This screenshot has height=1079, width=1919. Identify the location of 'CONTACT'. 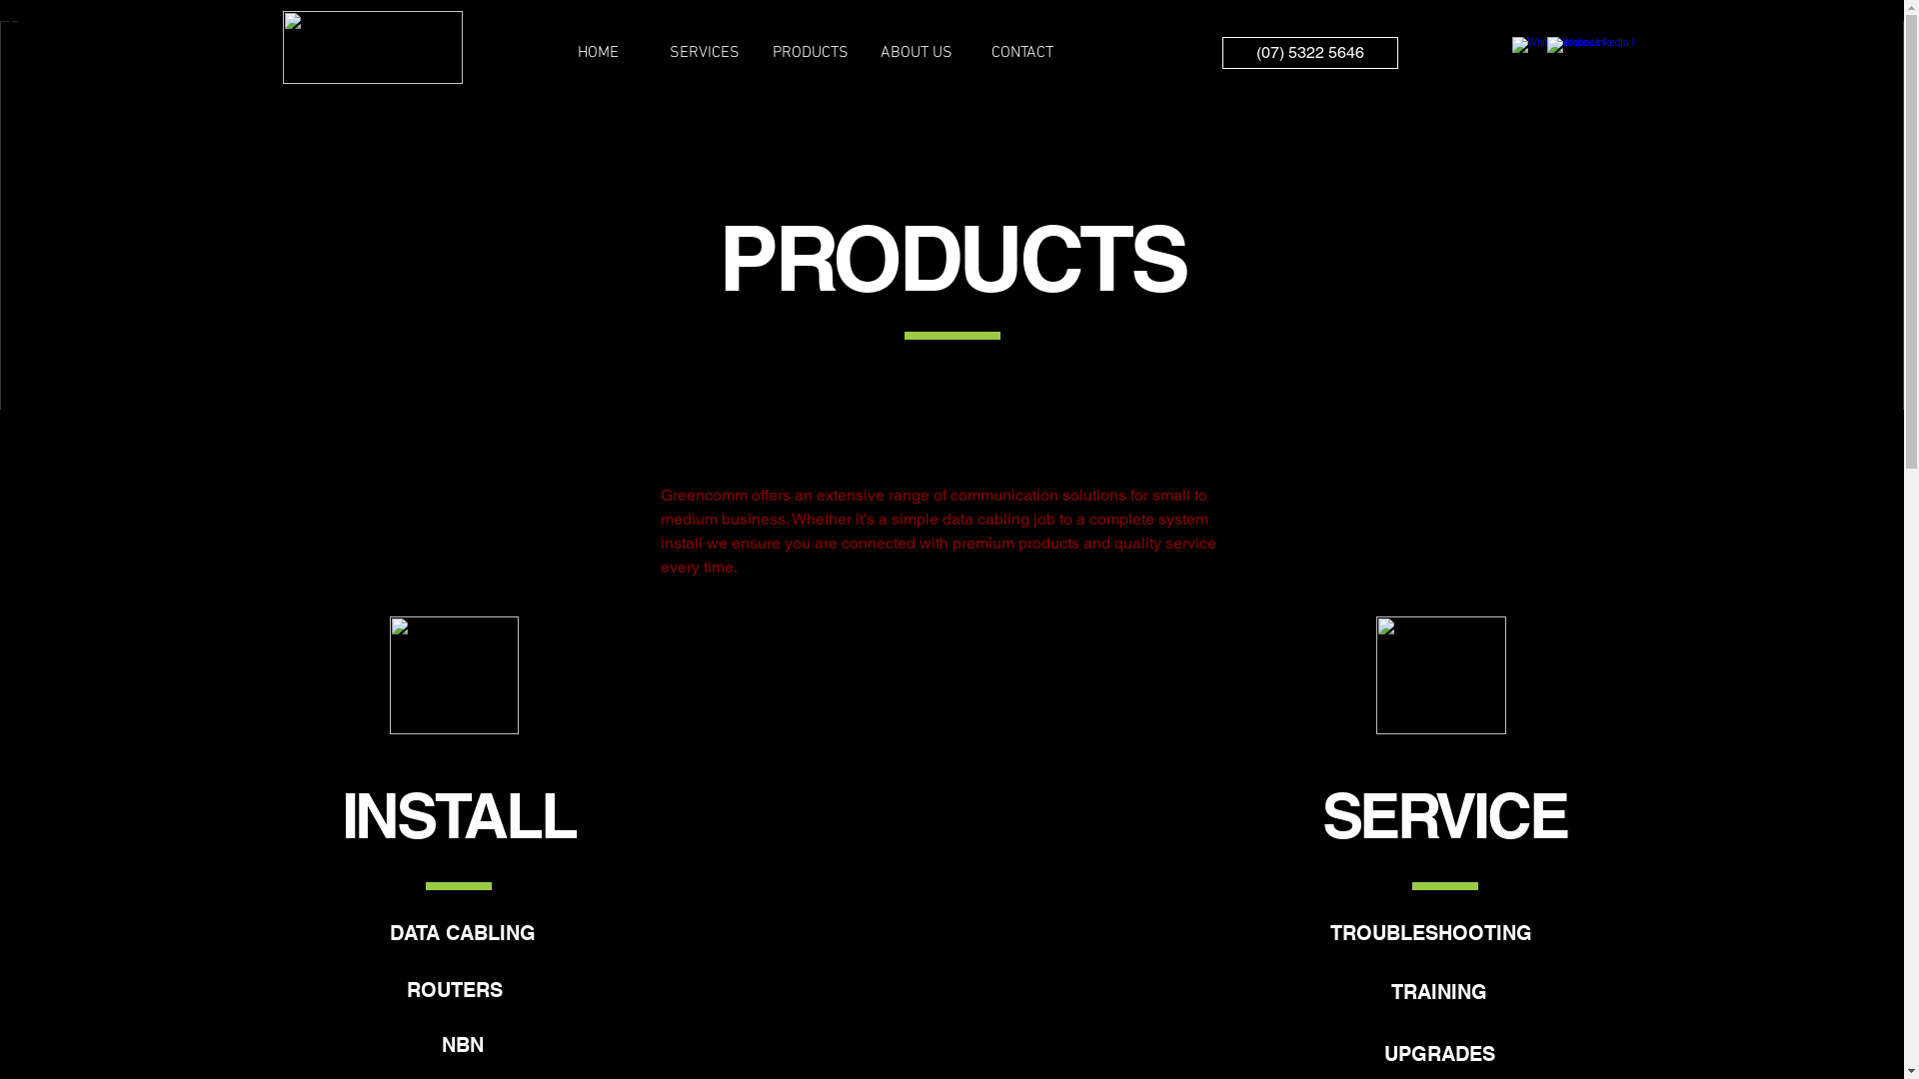
(1021, 52).